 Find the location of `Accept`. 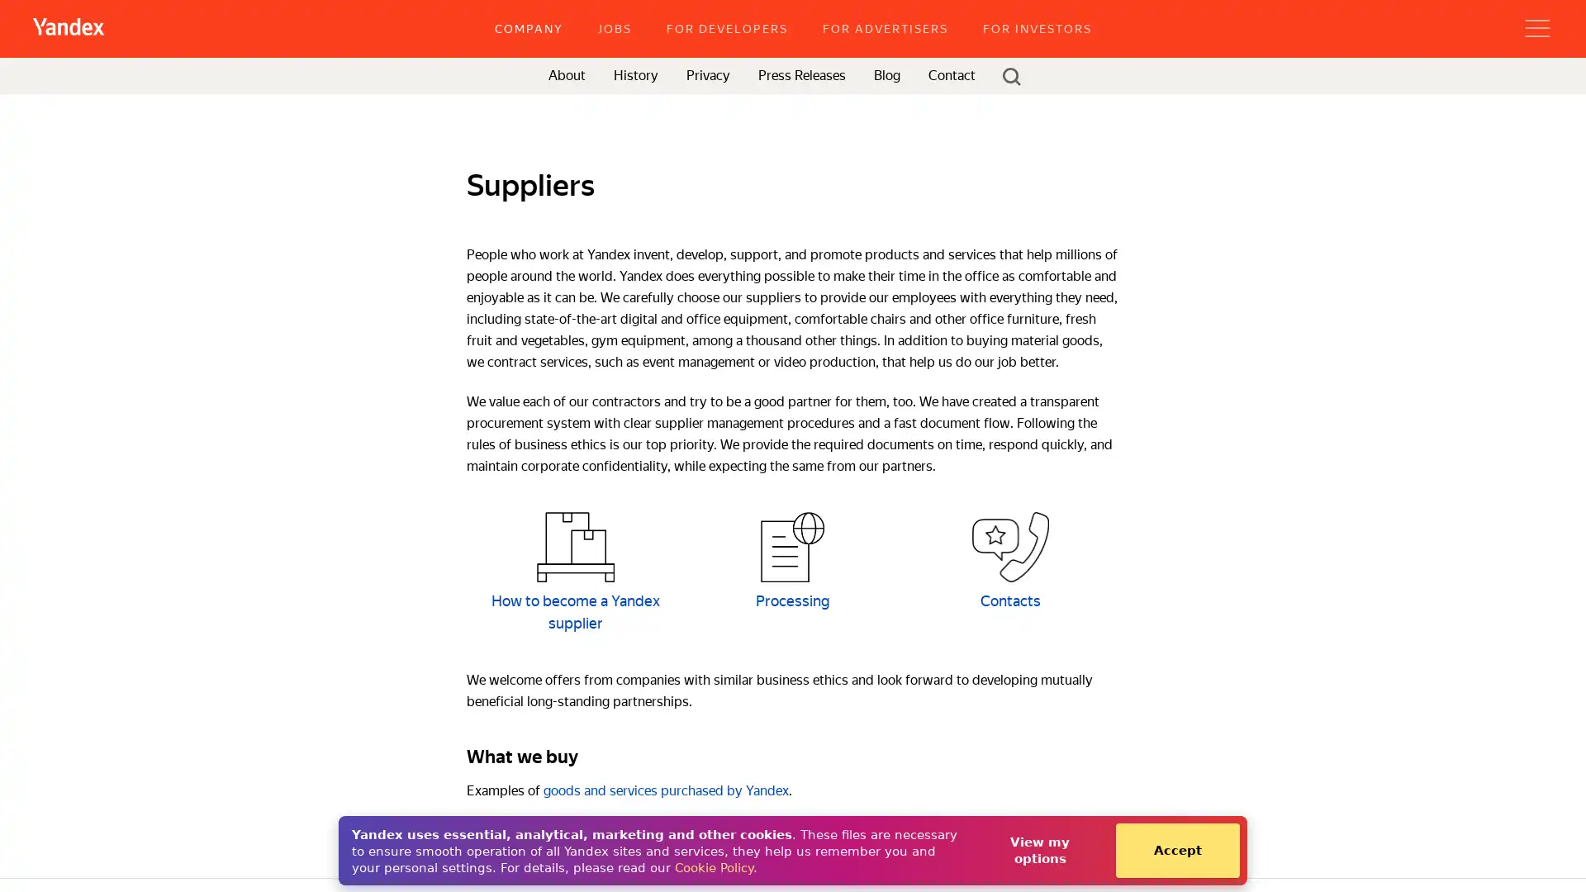

Accept is located at coordinates (1176, 850).